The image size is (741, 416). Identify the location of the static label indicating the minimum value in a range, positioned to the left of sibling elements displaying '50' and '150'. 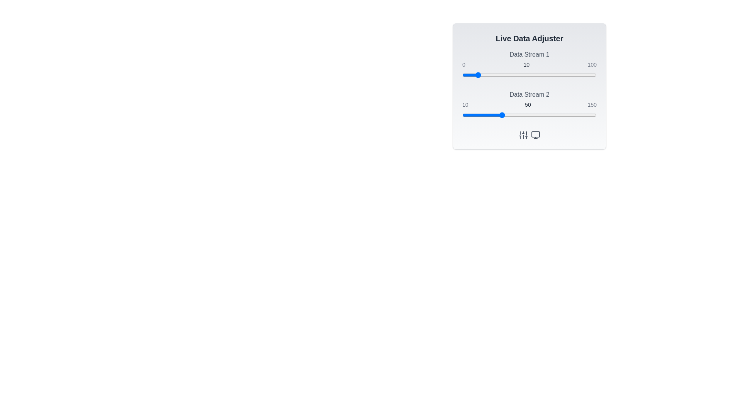
(465, 105).